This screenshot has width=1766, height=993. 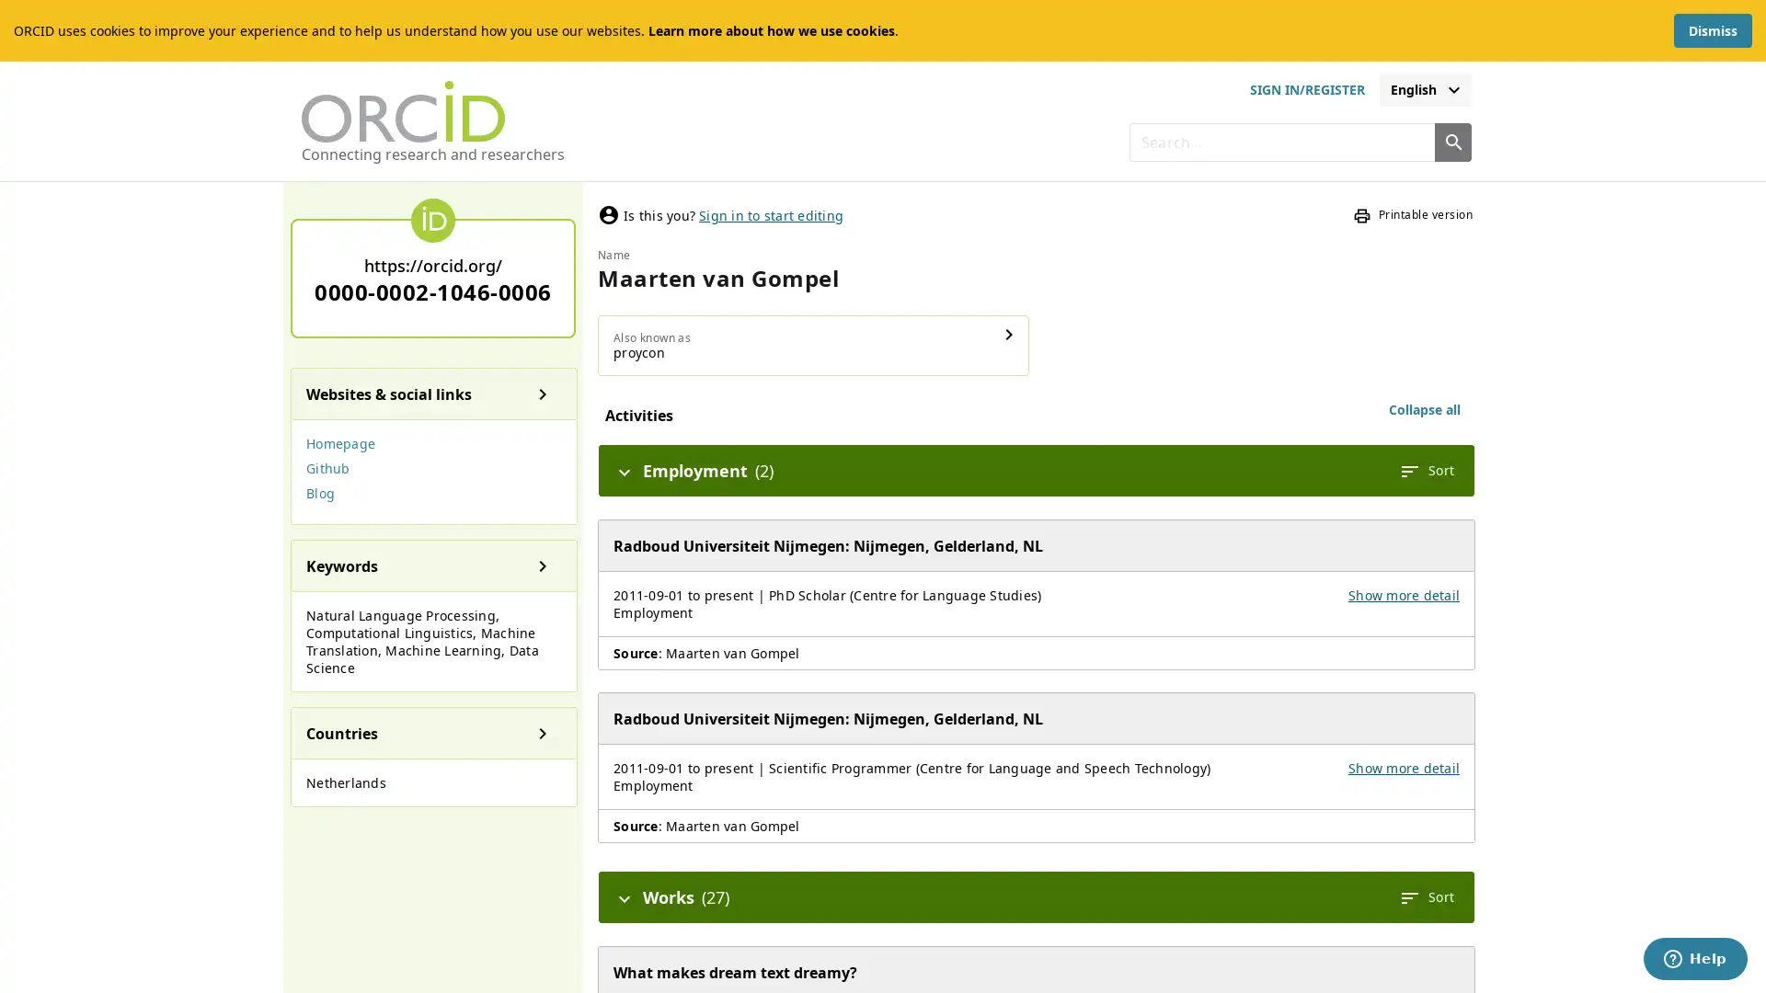 I want to click on Search, so click(x=1451, y=141).